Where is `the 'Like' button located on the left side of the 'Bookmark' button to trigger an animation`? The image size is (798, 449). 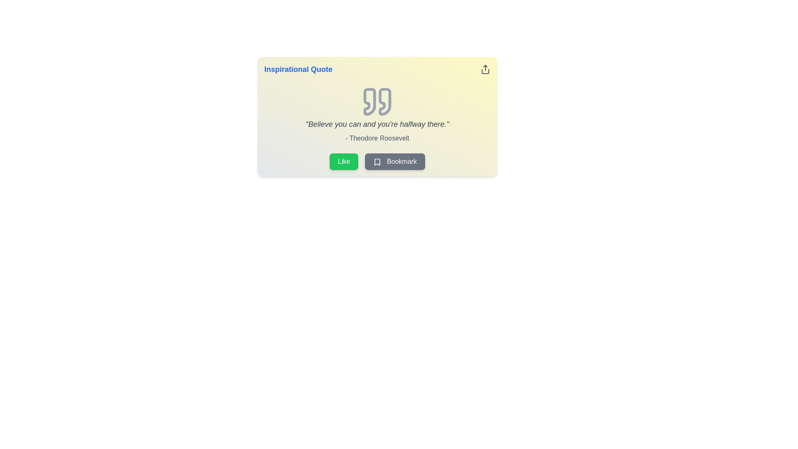 the 'Like' button located on the left side of the 'Bookmark' button to trigger an animation is located at coordinates (344, 162).